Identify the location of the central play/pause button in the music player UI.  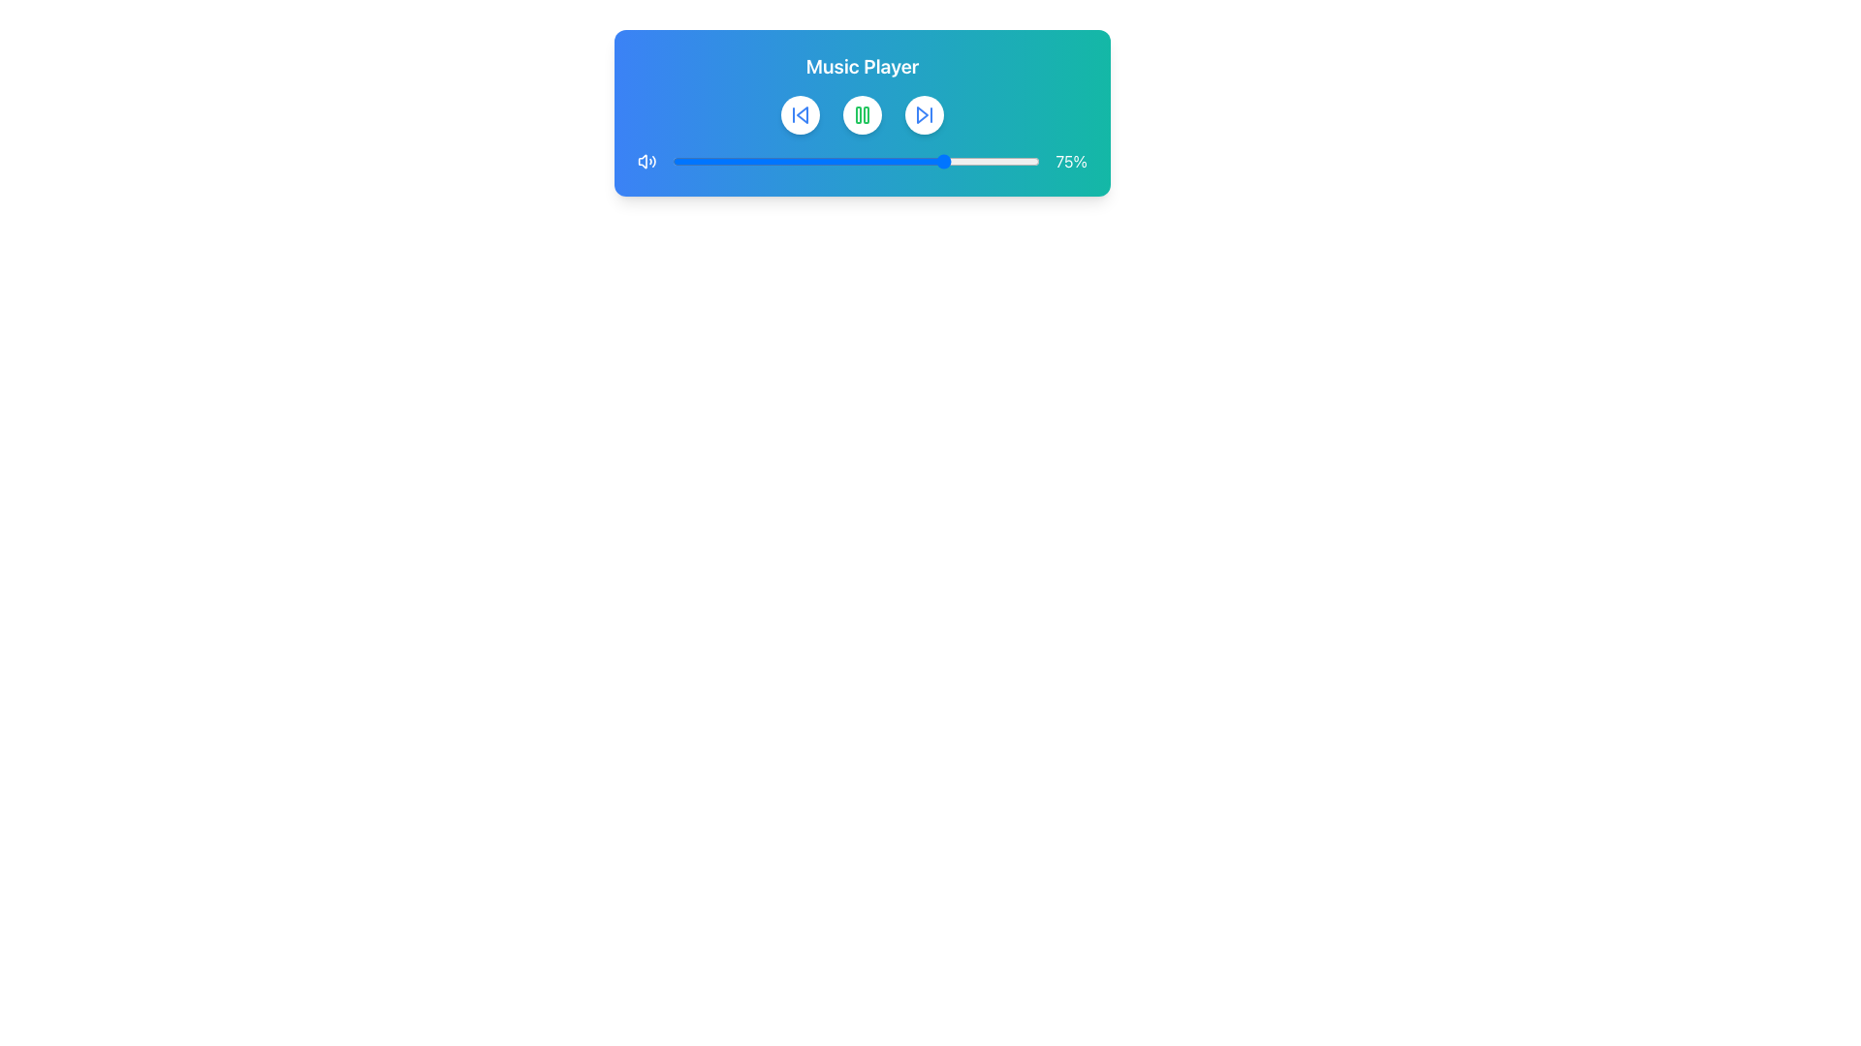
(861, 115).